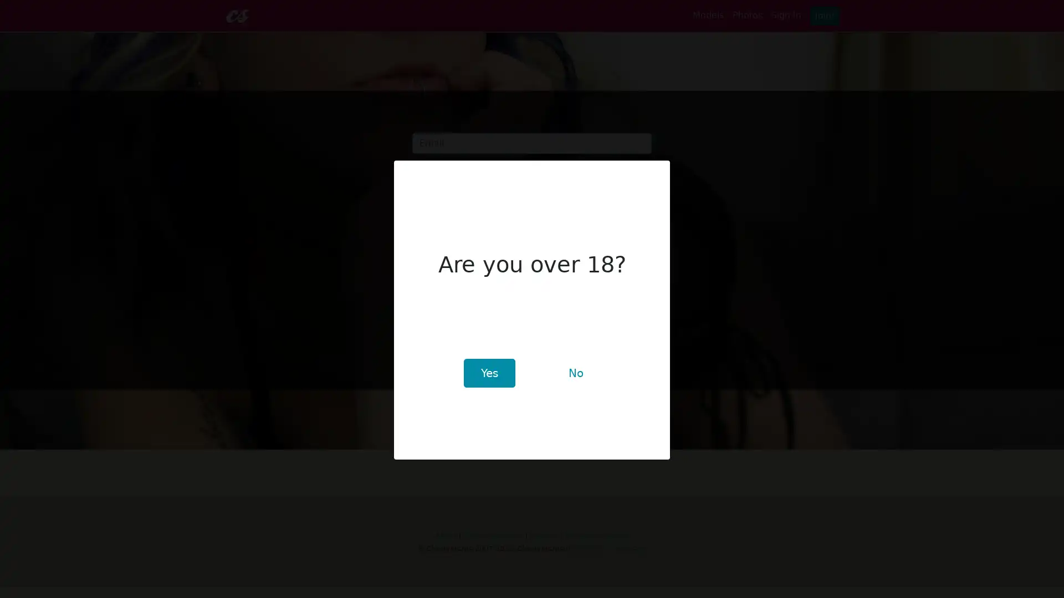  What do you see at coordinates (433, 228) in the screenshot?
I see `Sign In` at bounding box center [433, 228].